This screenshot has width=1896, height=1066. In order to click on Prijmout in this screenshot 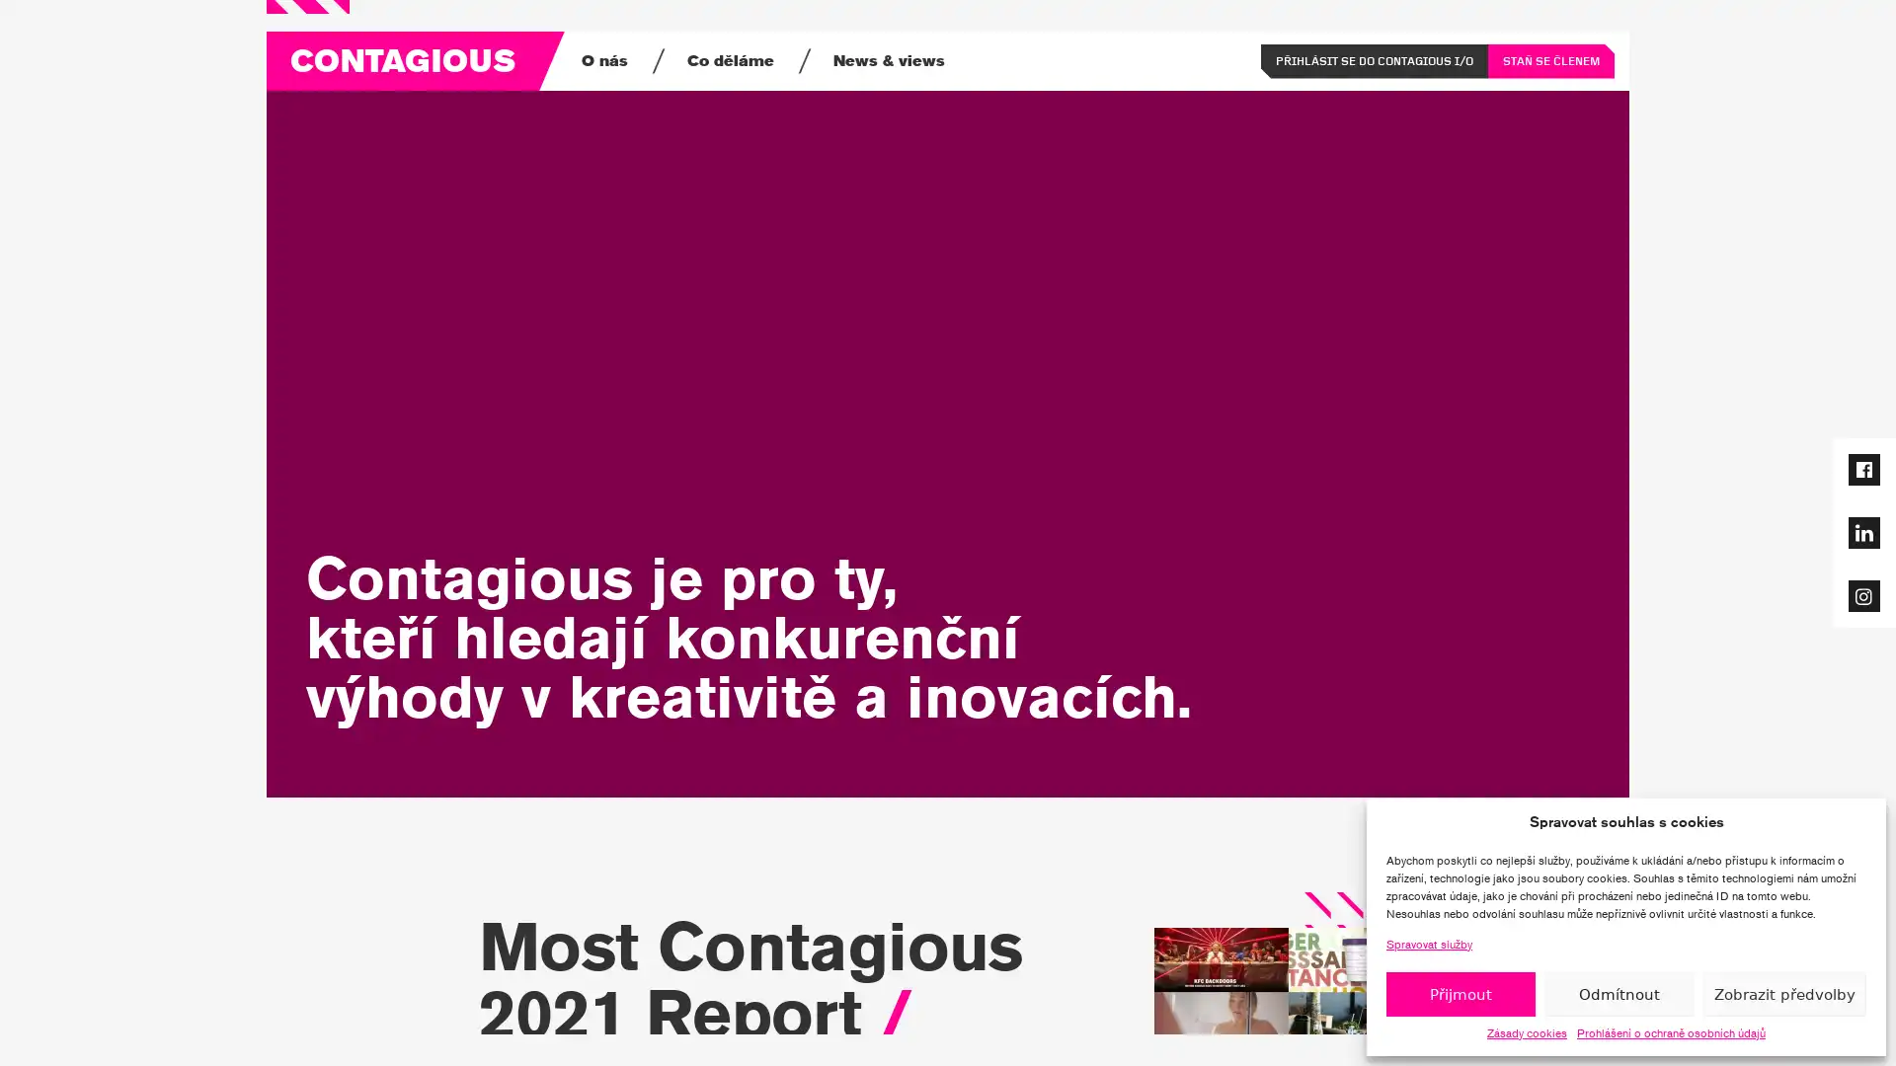, I will do `click(1460, 994)`.